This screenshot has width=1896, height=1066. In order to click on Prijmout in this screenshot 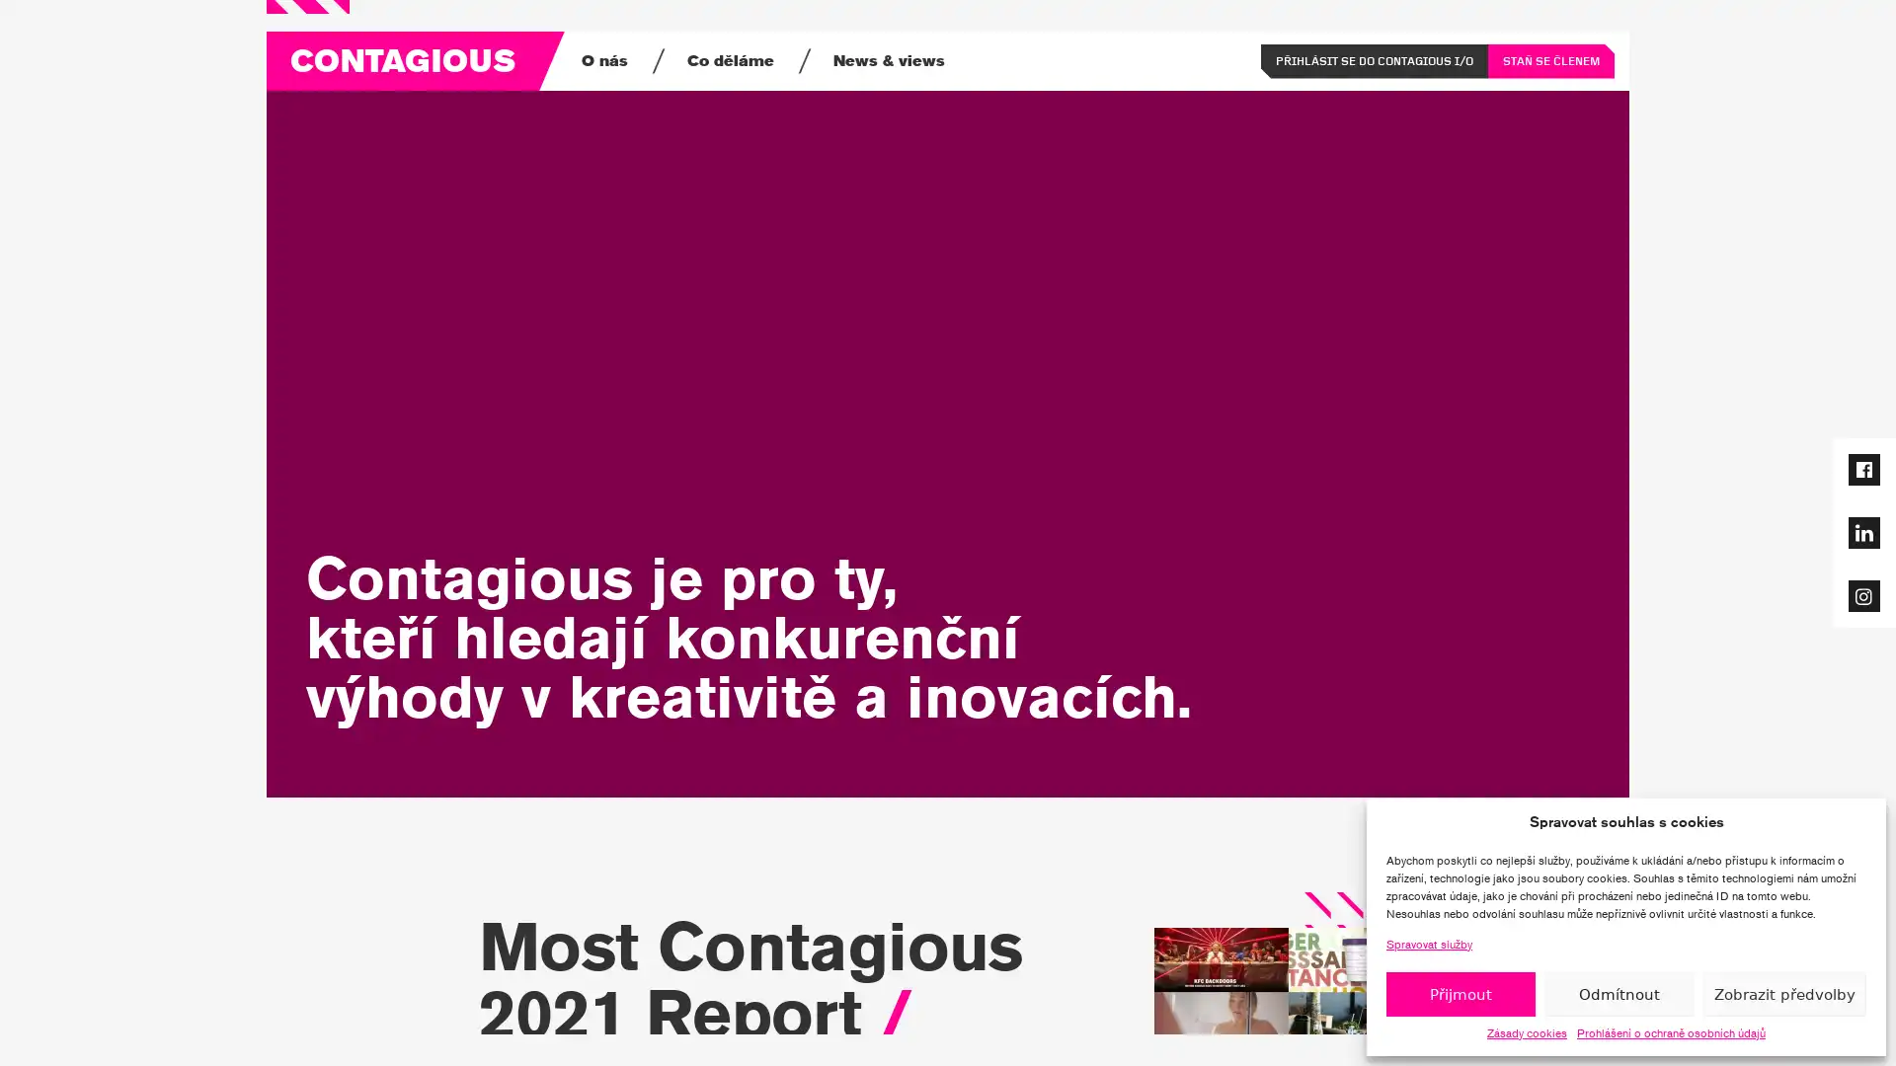, I will do `click(1460, 994)`.